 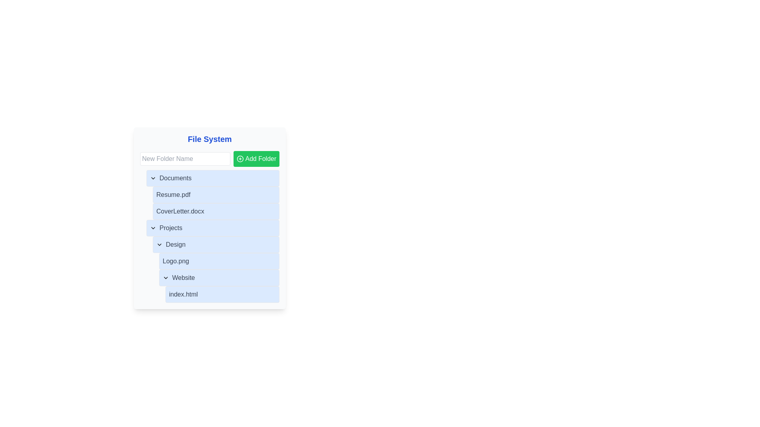 I want to click on the Toggleable folder or file list item located under the 'Website' entry, which is nested under 'Logo.png', so click(x=216, y=277).